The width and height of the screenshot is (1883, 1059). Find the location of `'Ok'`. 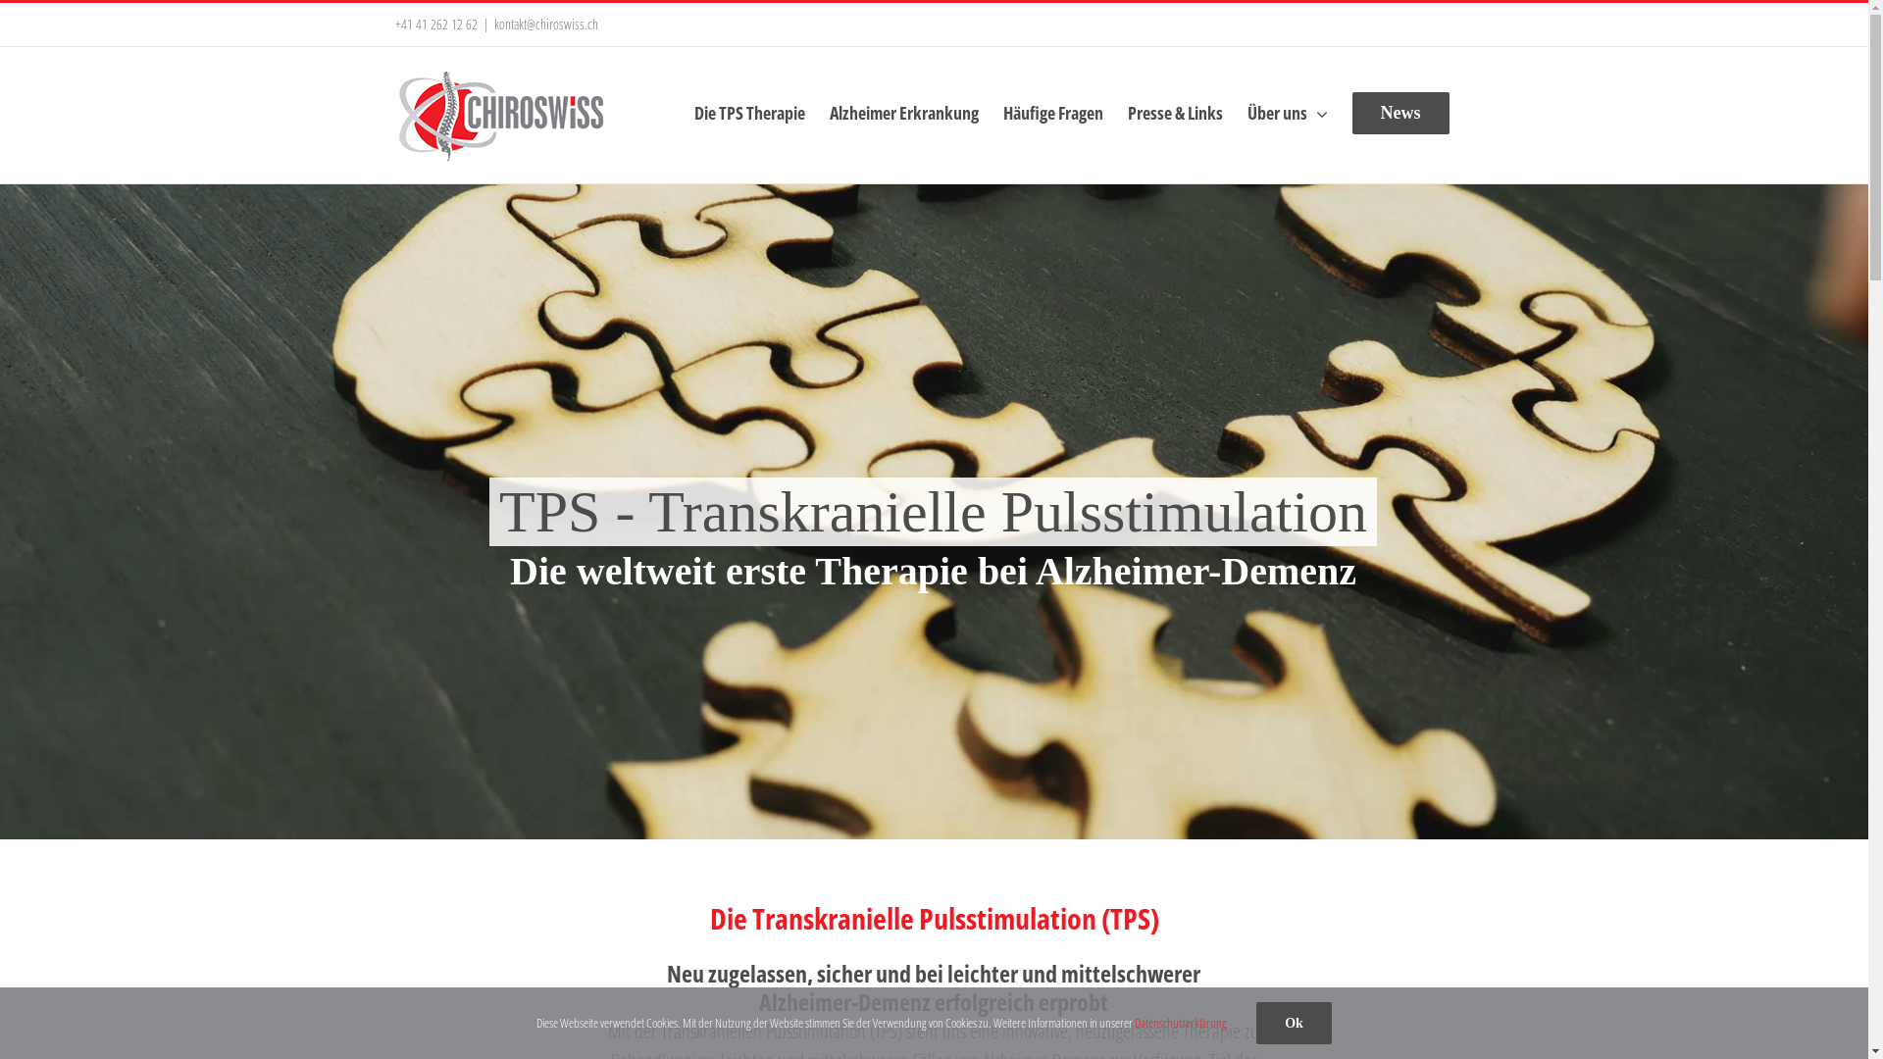

'Ok' is located at coordinates (1256, 1022).